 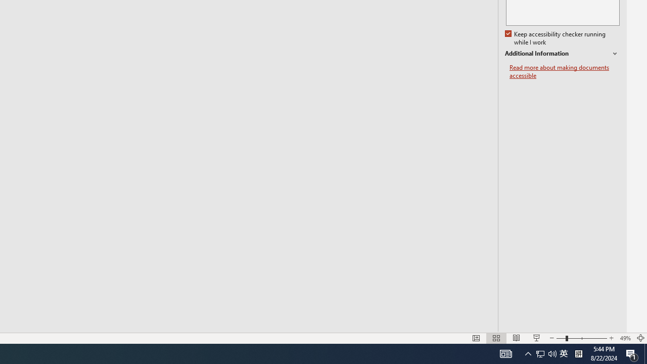 I want to click on 'Zoom', so click(x=581, y=338).